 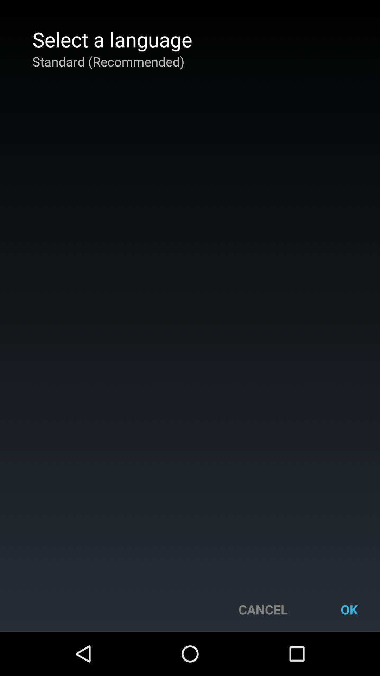 What do you see at coordinates (112, 39) in the screenshot?
I see `the select a language item` at bounding box center [112, 39].